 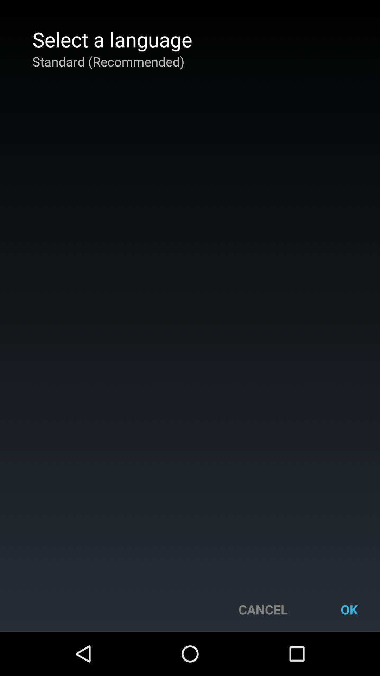 What do you see at coordinates (112, 39) in the screenshot?
I see `the select a language item` at bounding box center [112, 39].